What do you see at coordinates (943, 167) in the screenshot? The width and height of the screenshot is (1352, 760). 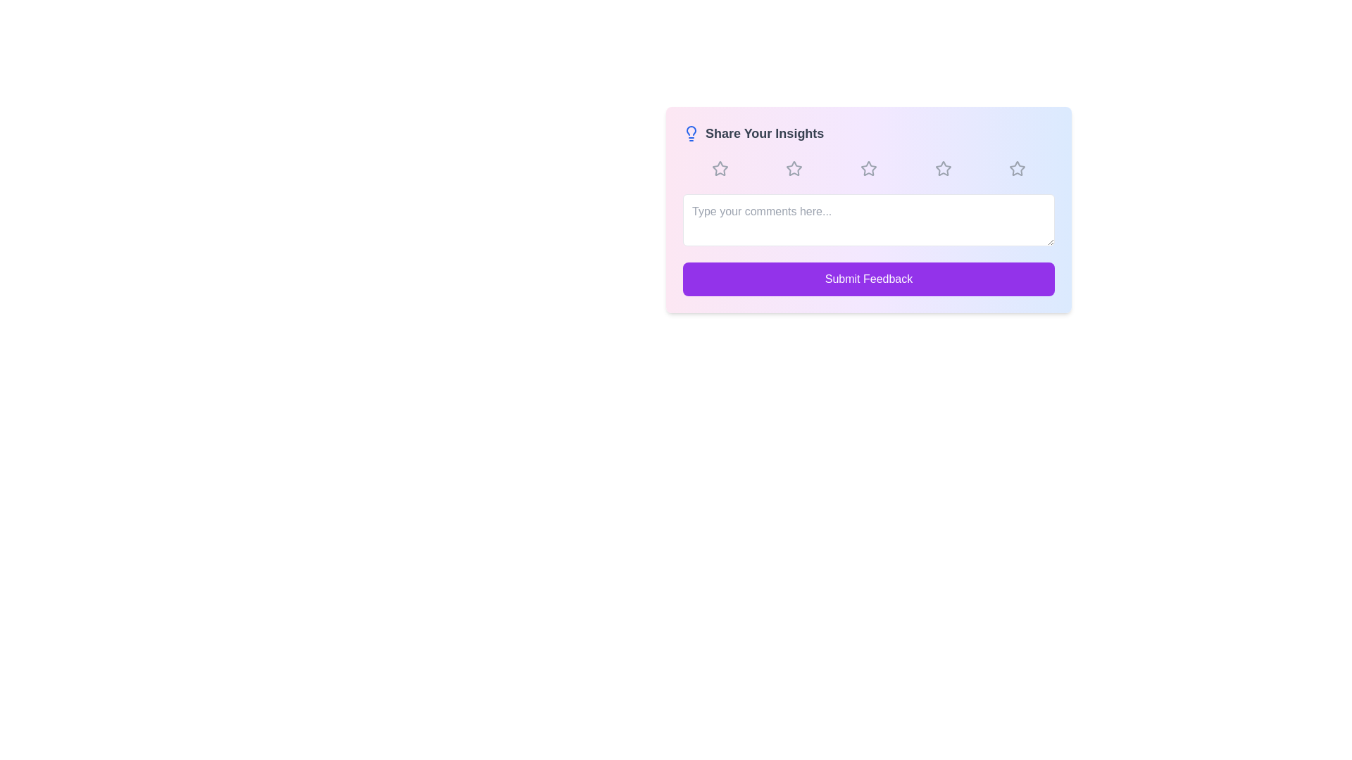 I see `the star corresponding to 4 stars to preview the rating` at bounding box center [943, 167].